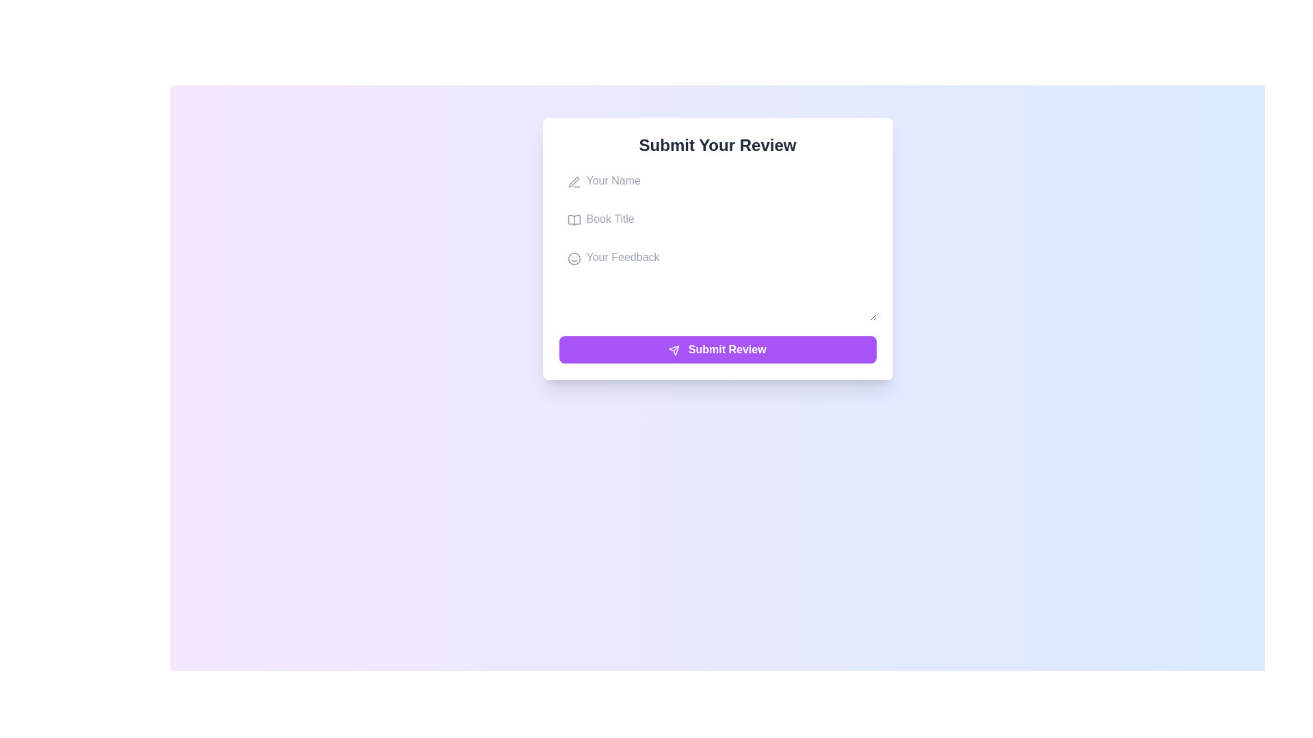 The height and width of the screenshot is (738, 1313). Describe the element at coordinates (574, 181) in the screenshot. I see `the pen icon that signifies an editable input field for the 'Your Name' label` at that location.